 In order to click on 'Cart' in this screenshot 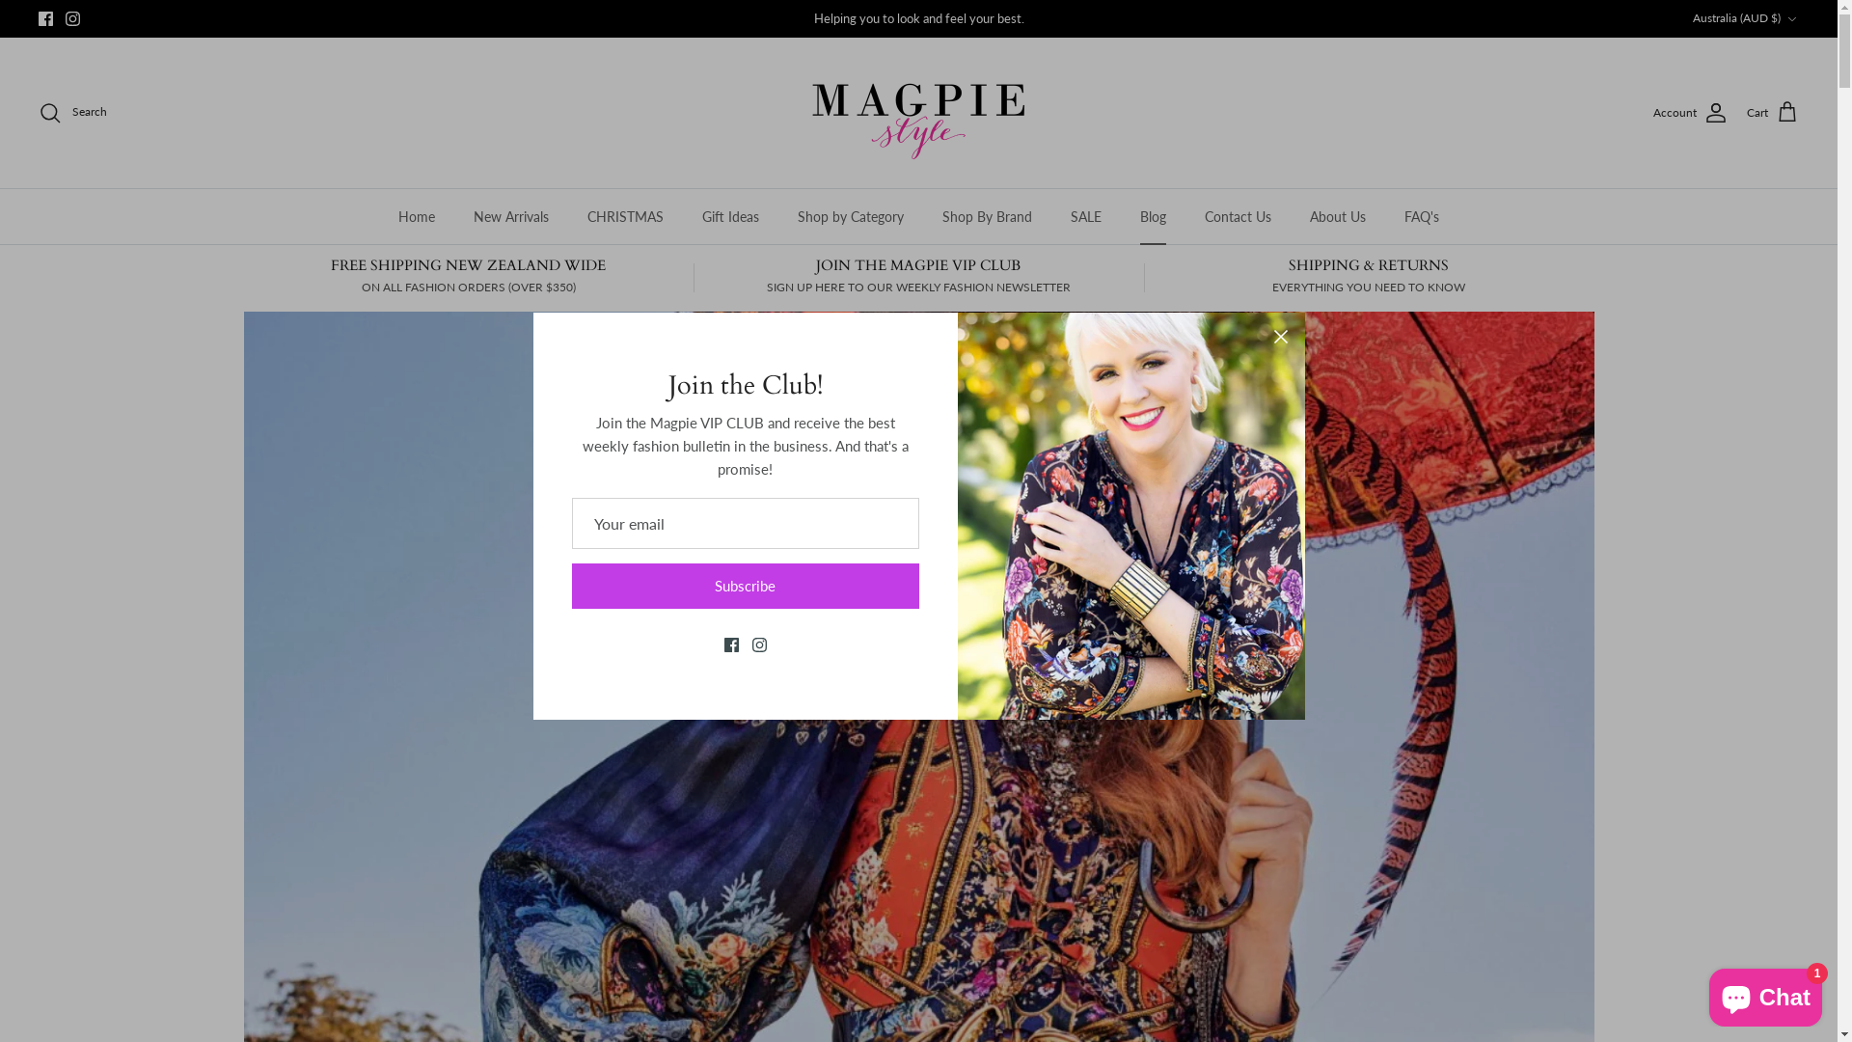, I will do `click(1746, 112)`.